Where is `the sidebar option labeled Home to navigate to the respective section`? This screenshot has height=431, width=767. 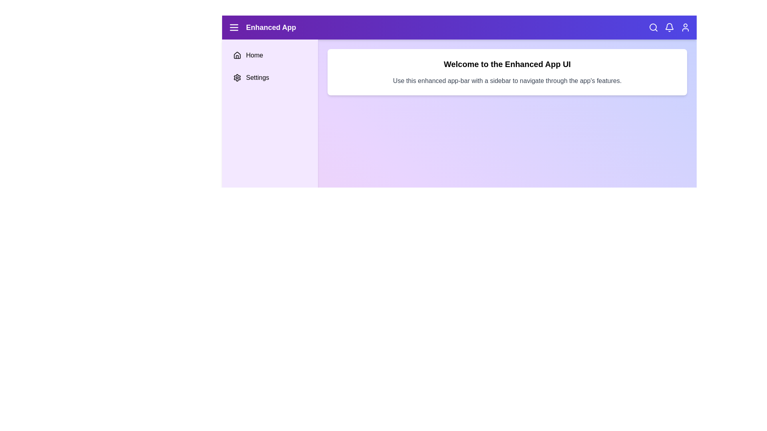
the sidebar option labeled Home to navigate to the respective section is located at coordinates (270, 55).